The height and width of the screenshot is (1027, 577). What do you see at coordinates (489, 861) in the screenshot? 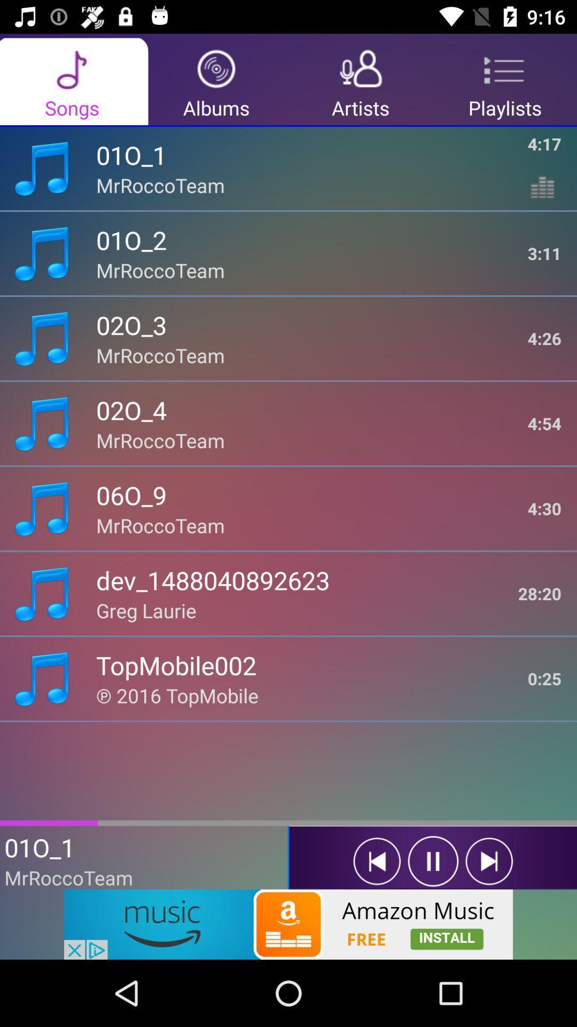
I see `next option` at bounding box center [489, 861].